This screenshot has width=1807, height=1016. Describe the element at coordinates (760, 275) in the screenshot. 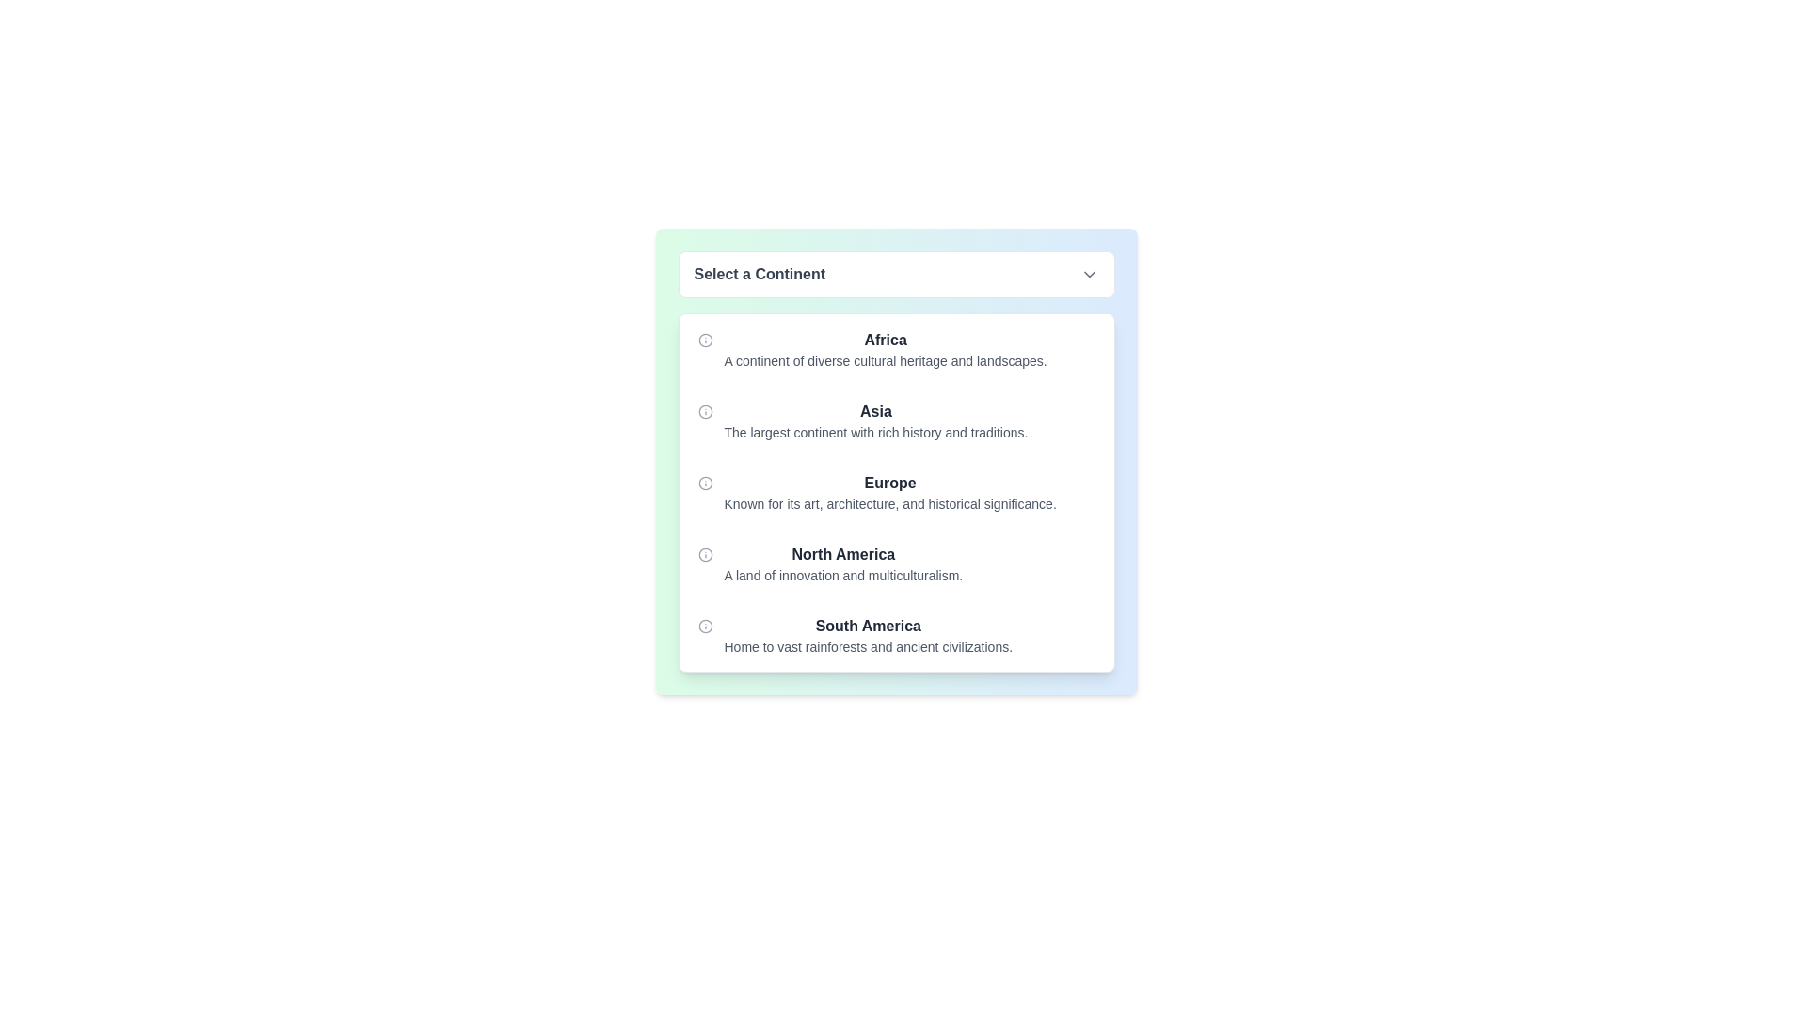

I see `the Text label indicating the selection of a continent in the dropdown menu` at that location.